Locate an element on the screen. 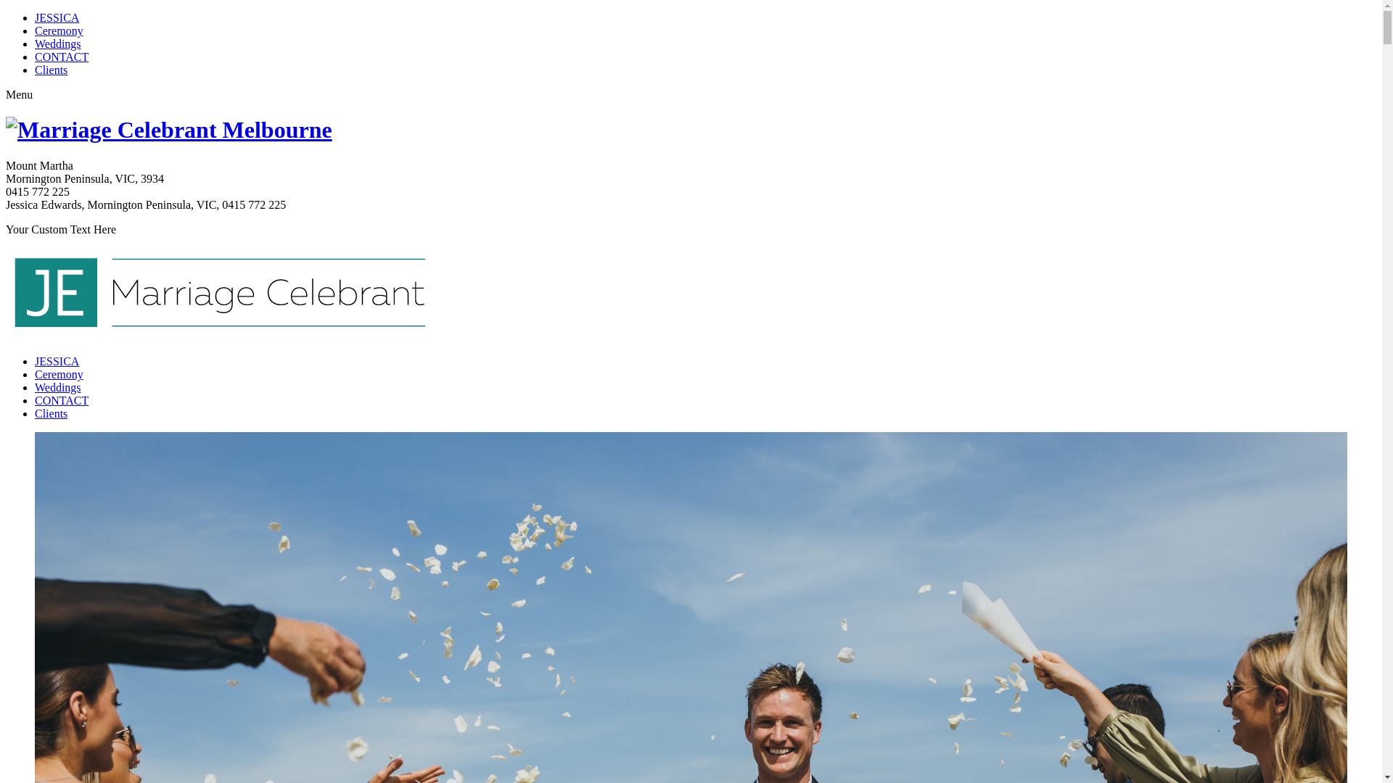 The image size is (1393, 783). 'Weddings' is located at coordinates (58, 386).